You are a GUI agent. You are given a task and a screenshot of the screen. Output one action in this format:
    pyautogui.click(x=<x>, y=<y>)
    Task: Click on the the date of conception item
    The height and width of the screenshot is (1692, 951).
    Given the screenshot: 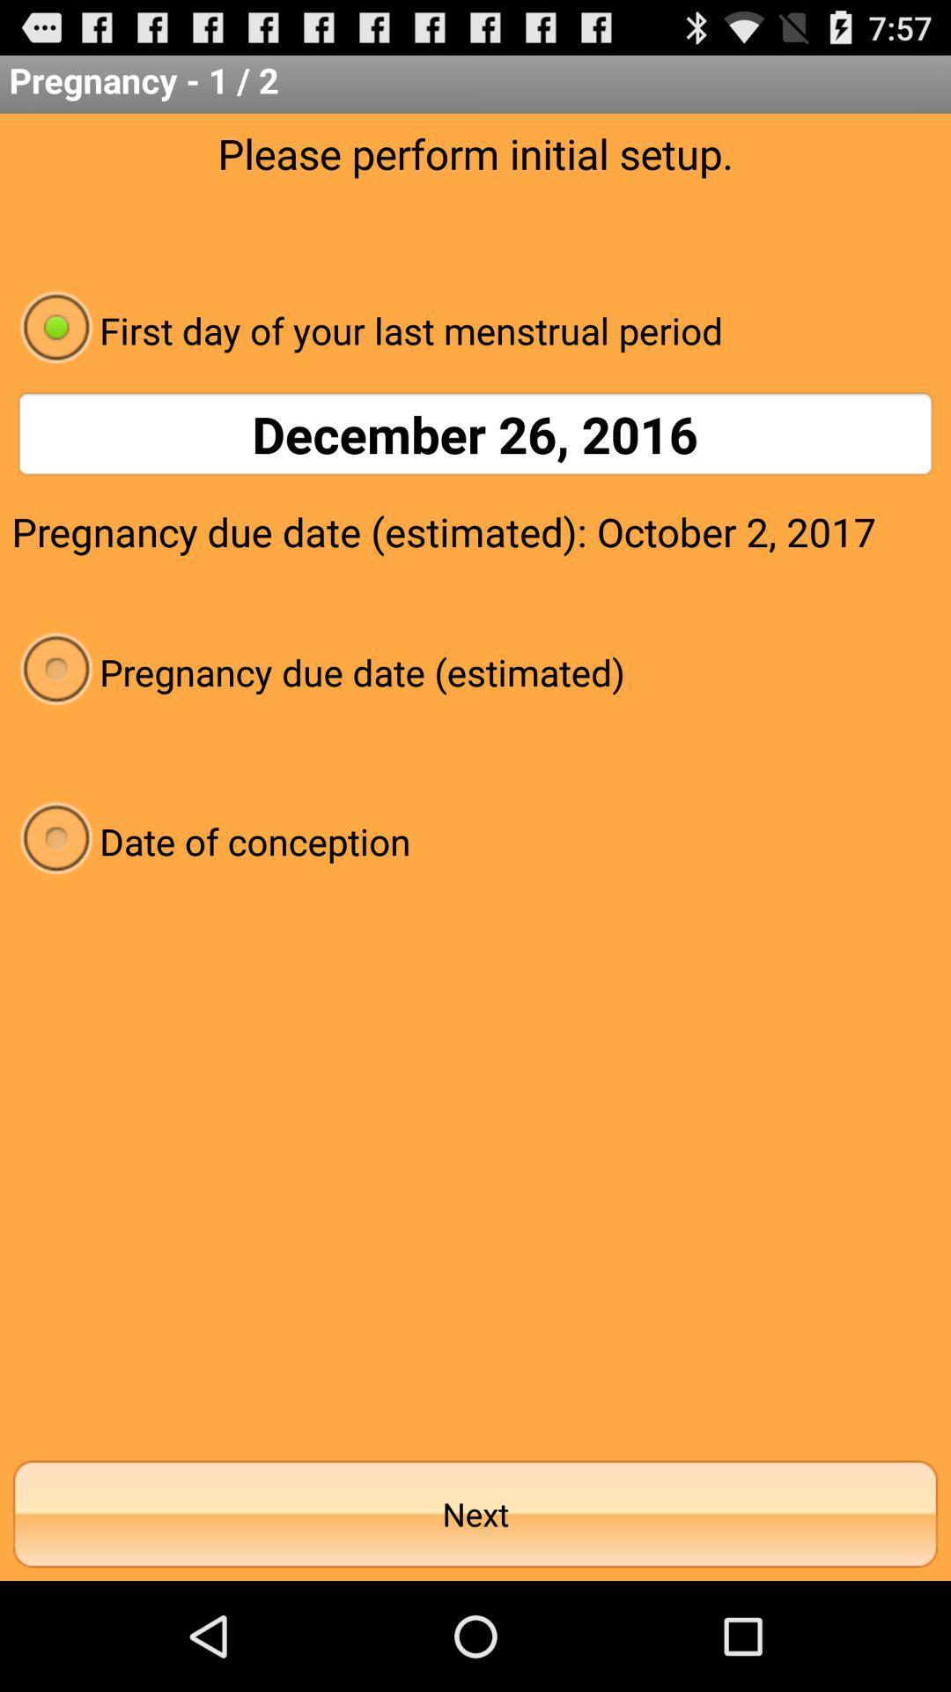 What is the action you would take?
    pyautogui.click(x=475, y=840)
    